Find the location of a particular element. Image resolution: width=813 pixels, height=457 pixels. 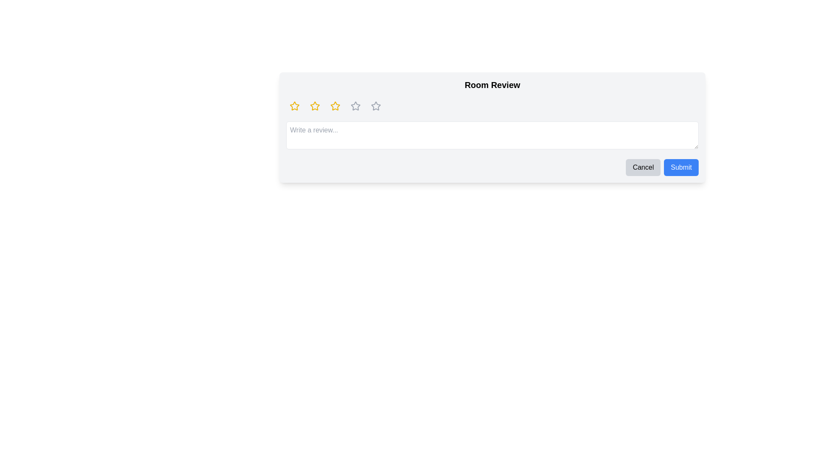

the second star-shaped rating icon with a yellow fill and black border, located in the second position of a row of five stars above the review text input field is located at coordinates (315, 105).